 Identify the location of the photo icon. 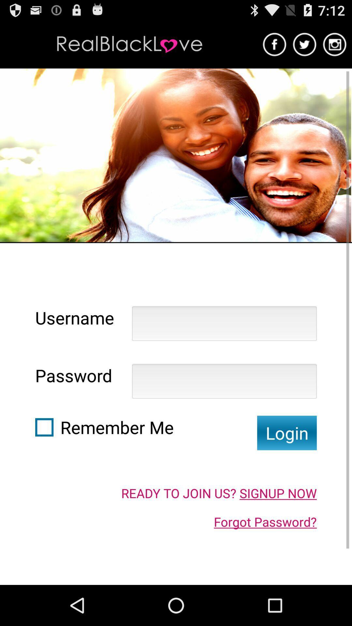
(335, 47).